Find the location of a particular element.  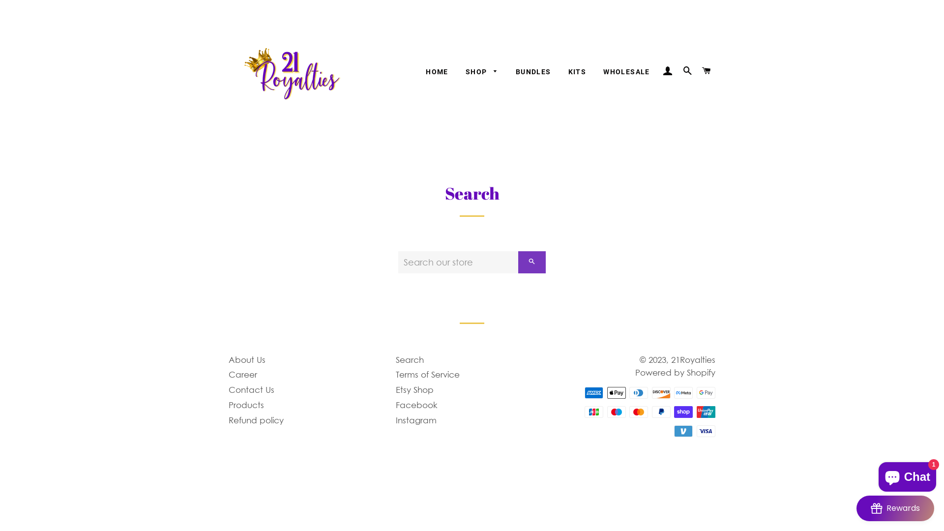

'WHOLESALE' is located at coordinates (626, 71).